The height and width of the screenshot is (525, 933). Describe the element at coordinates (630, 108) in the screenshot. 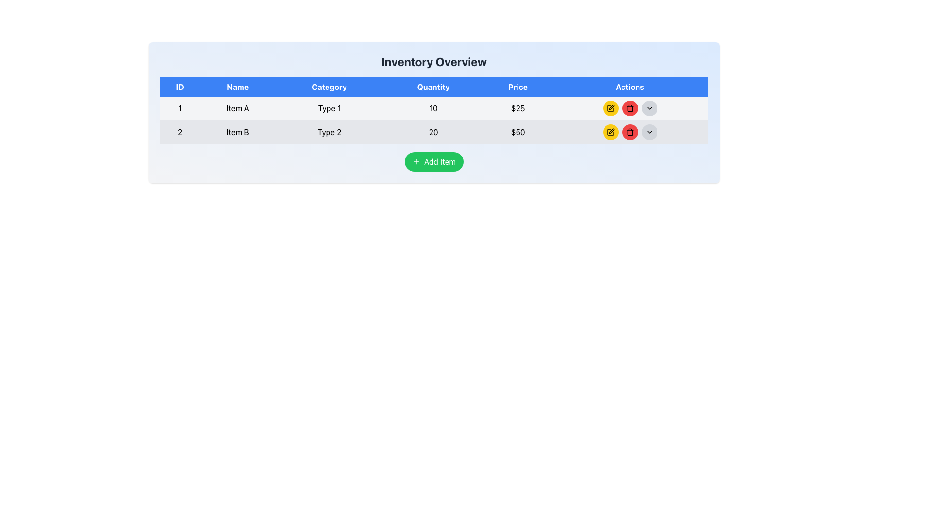

I see `the red trash can icon button located in the Actions column of the second row in the inventory table` at that location.